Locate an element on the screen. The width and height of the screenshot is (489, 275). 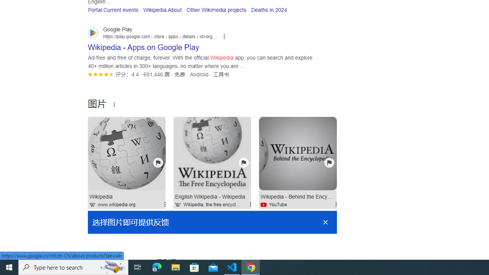
'Deaths in 2024' is located at coordinates (269, 10).